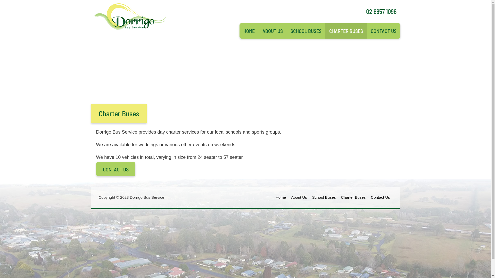 The width and height of the screenshot is (495, 278). What do you see at coordinates (380, 197) in the screenshot?
I see `'Contact Us'` at bounding box center [380, 197].